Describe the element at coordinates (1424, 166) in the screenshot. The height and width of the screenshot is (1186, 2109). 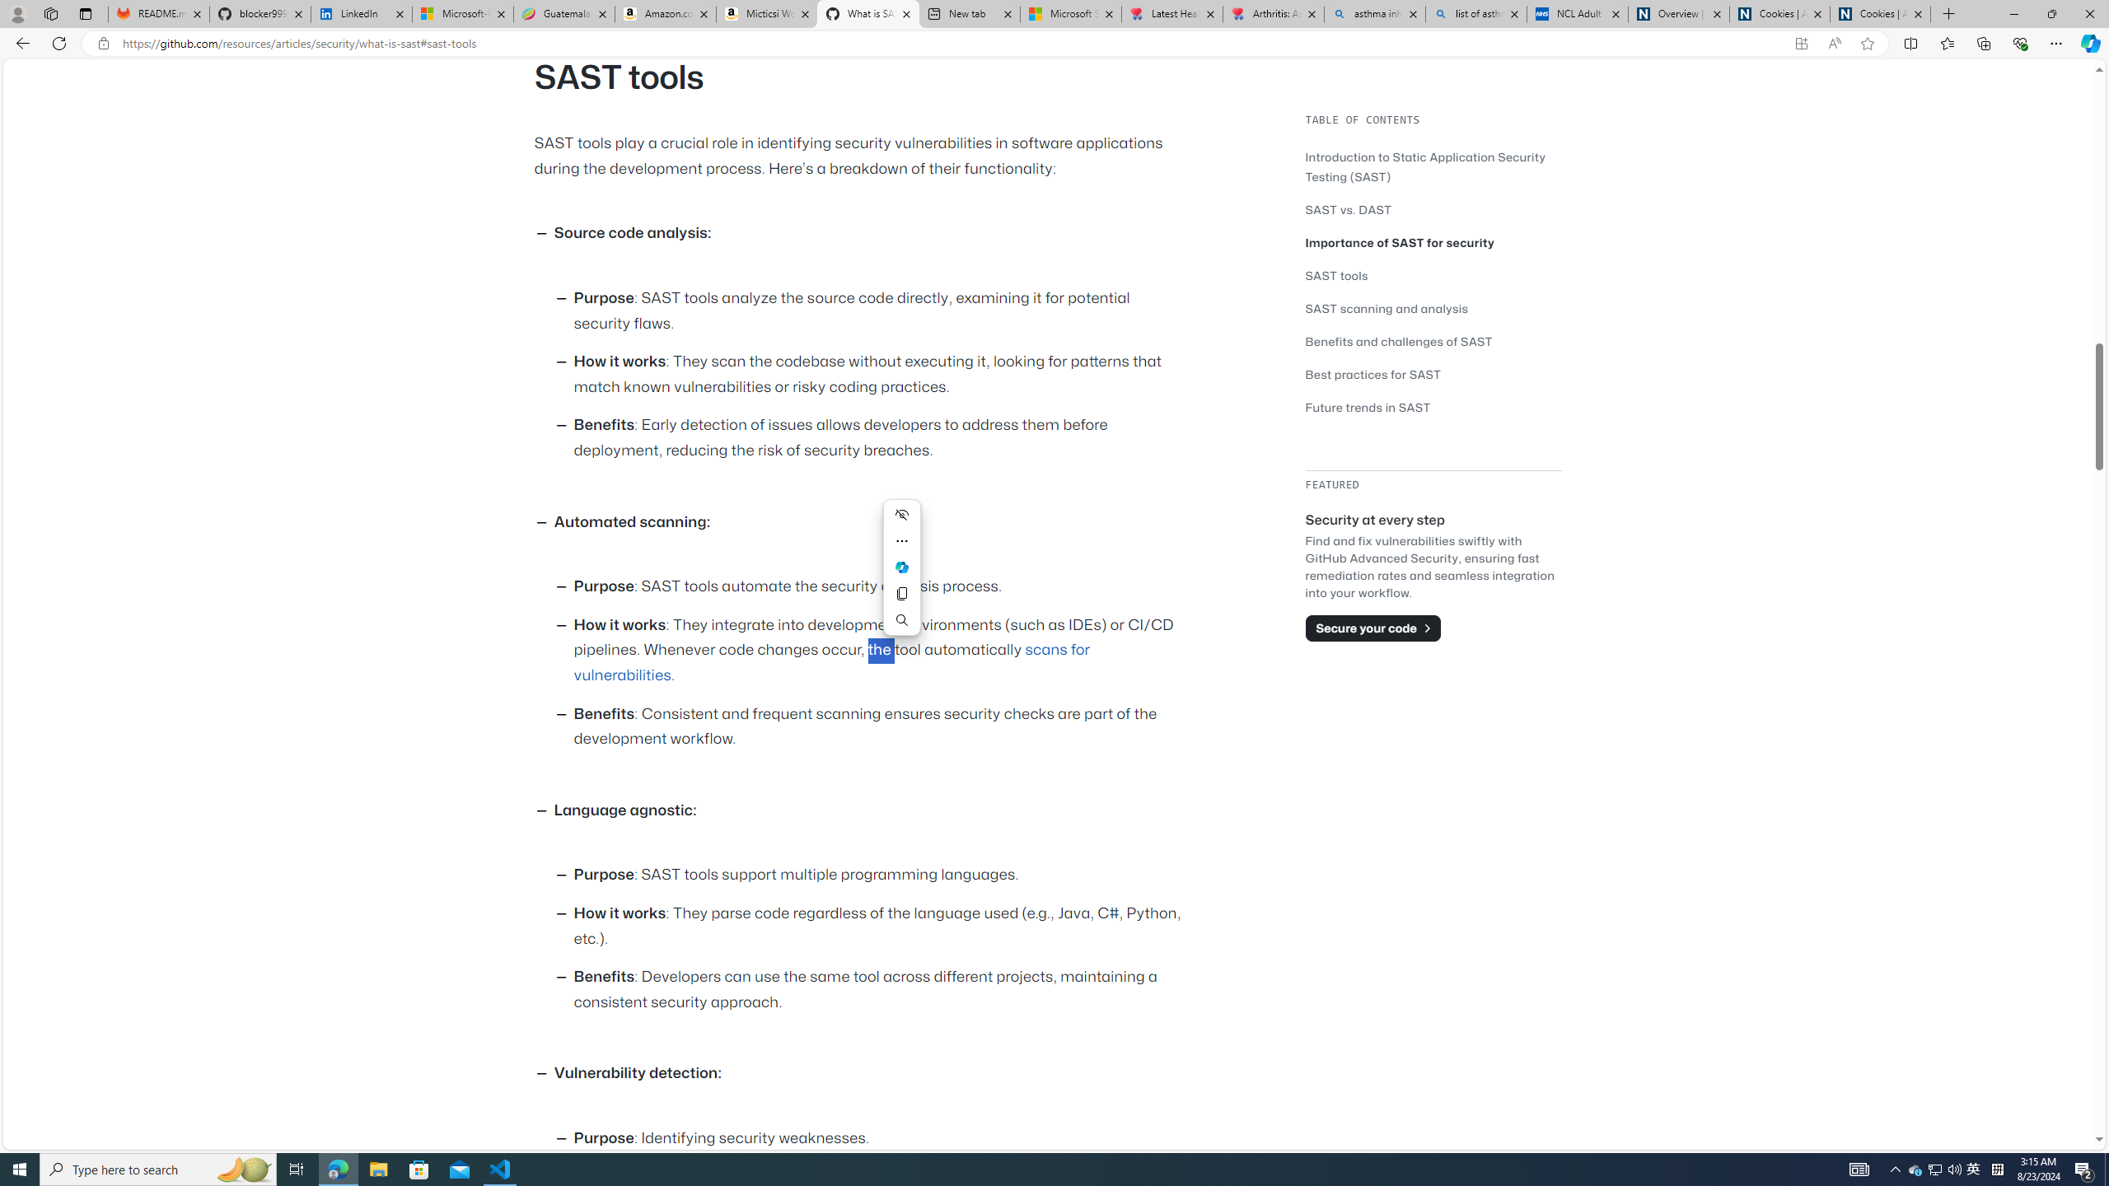
I see `'Introduction to Static Application Security Testing (SAST)'` at that location.